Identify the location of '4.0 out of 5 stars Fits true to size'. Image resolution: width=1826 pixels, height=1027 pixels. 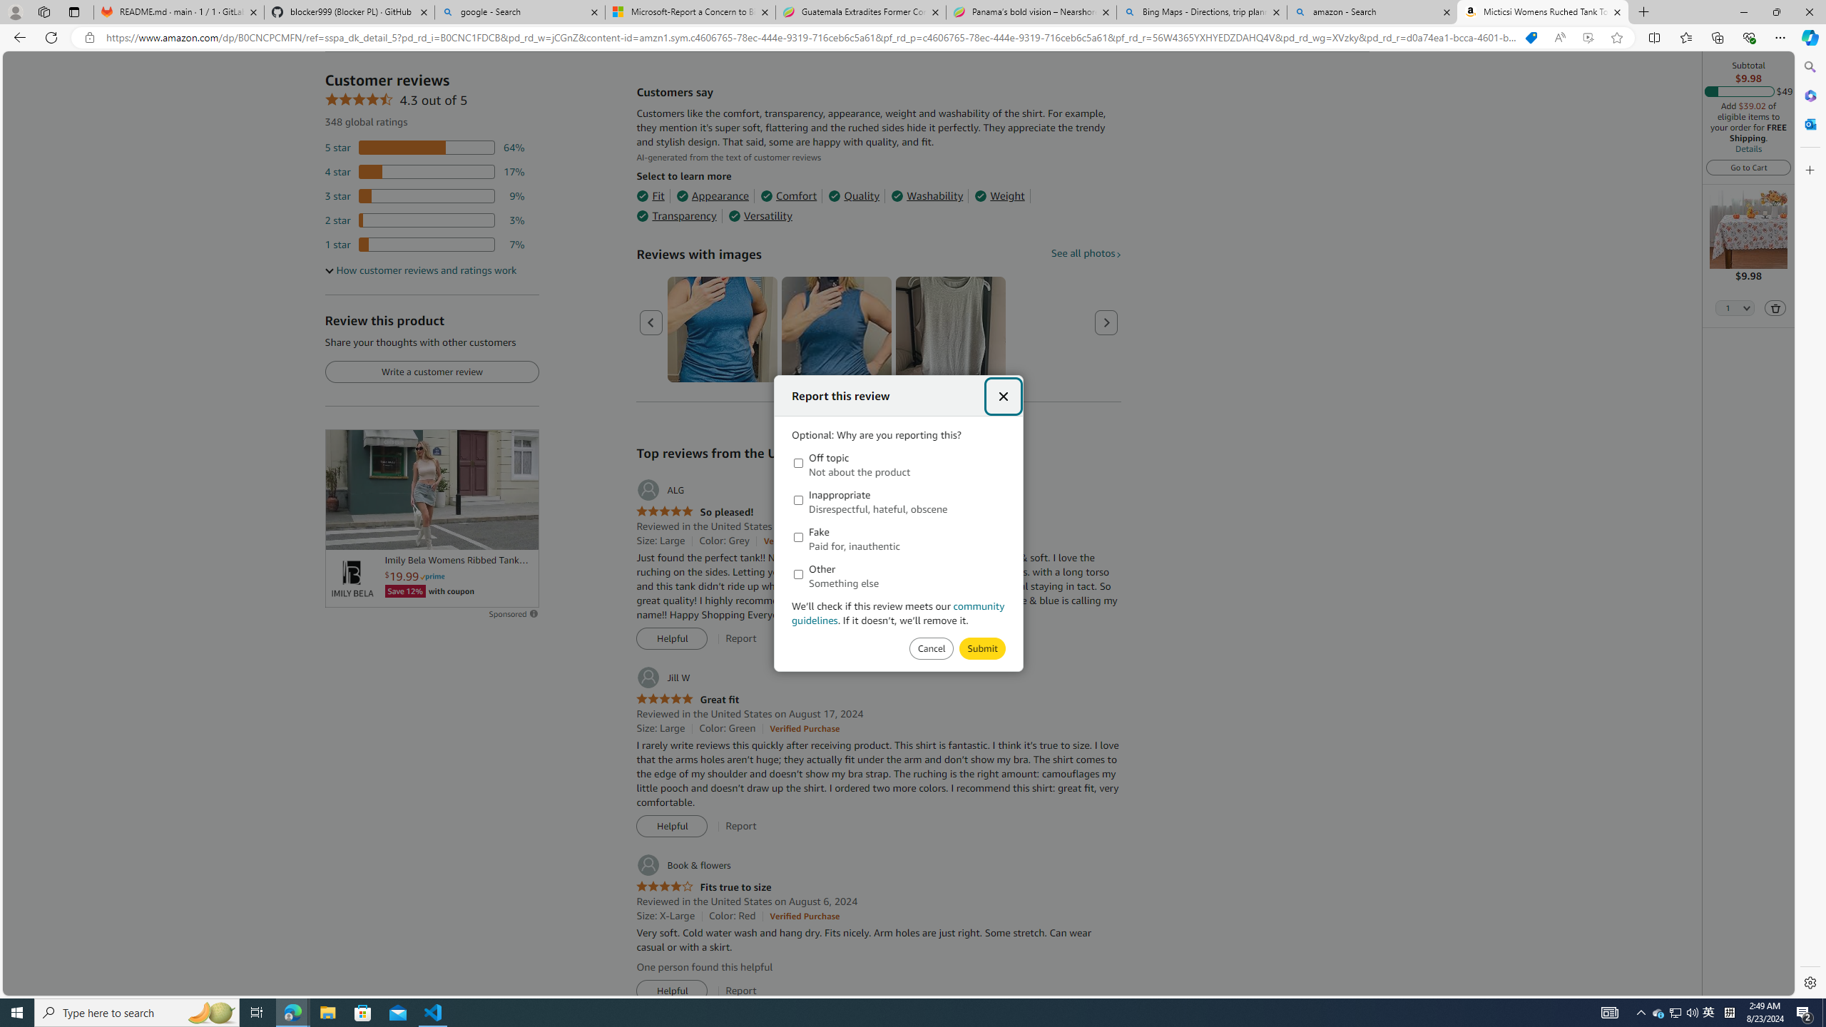
(703, 887).